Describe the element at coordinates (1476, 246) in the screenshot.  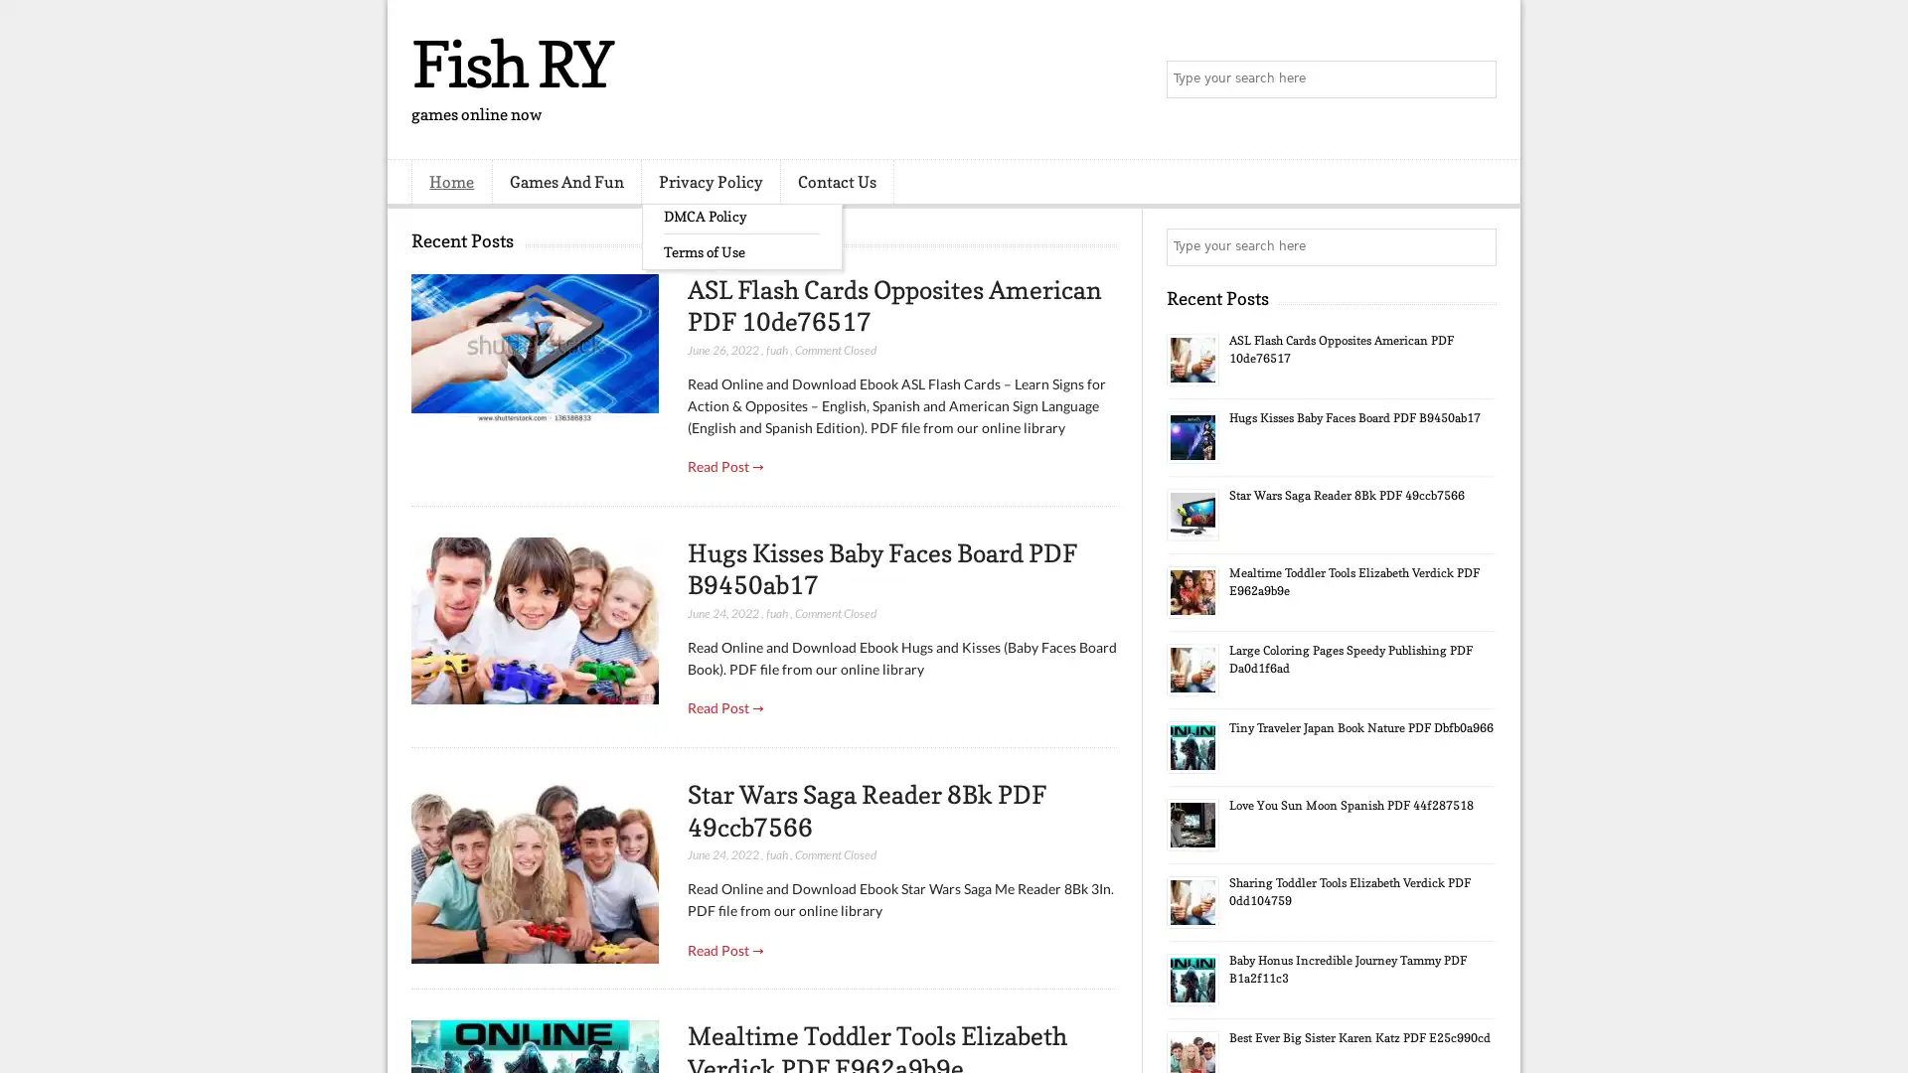
I see `Search` at that location.